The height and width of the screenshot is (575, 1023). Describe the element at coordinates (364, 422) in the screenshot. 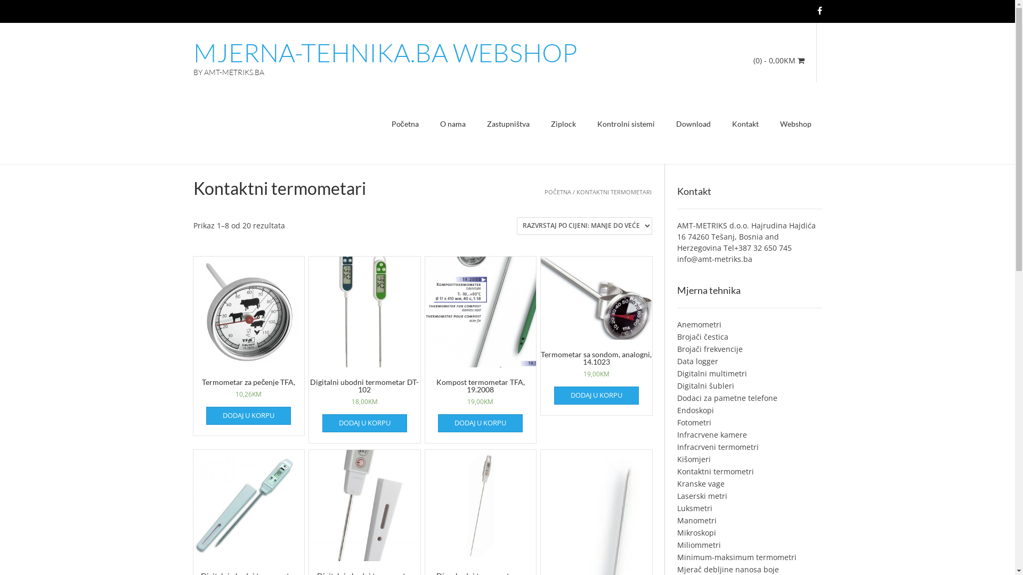

I see `'DODAJ U KORPU'` at that location.